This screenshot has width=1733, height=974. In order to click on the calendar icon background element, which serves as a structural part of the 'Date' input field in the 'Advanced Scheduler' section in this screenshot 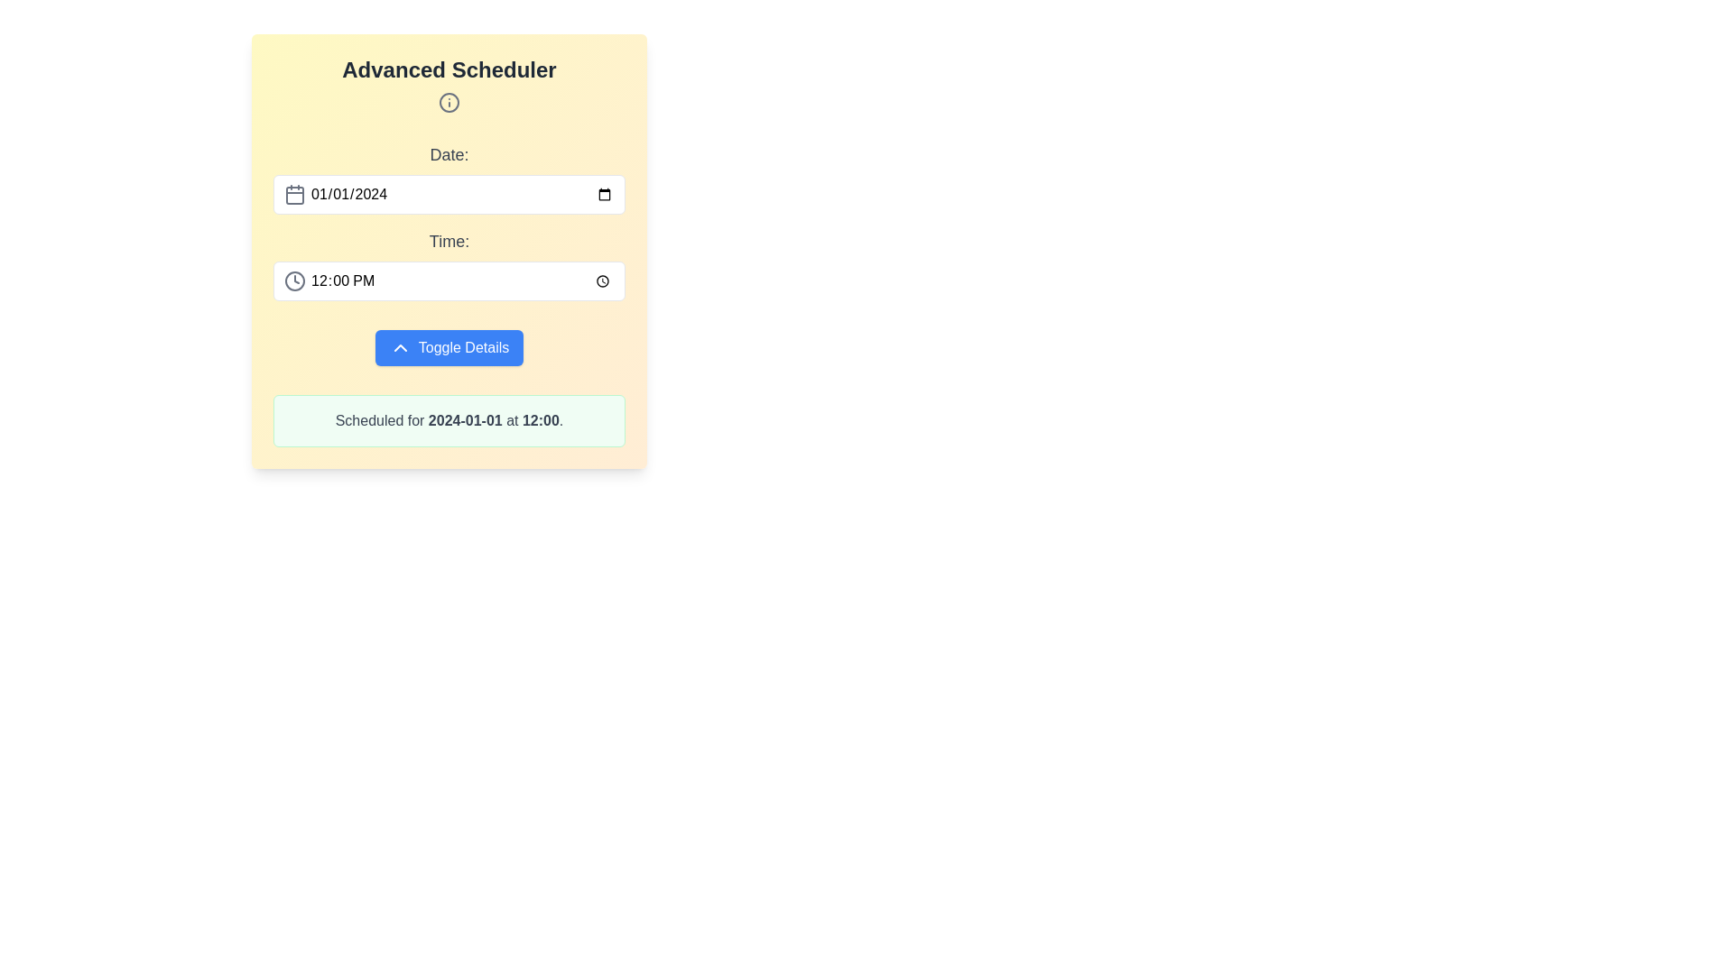, I will do `click(294, 195)`.